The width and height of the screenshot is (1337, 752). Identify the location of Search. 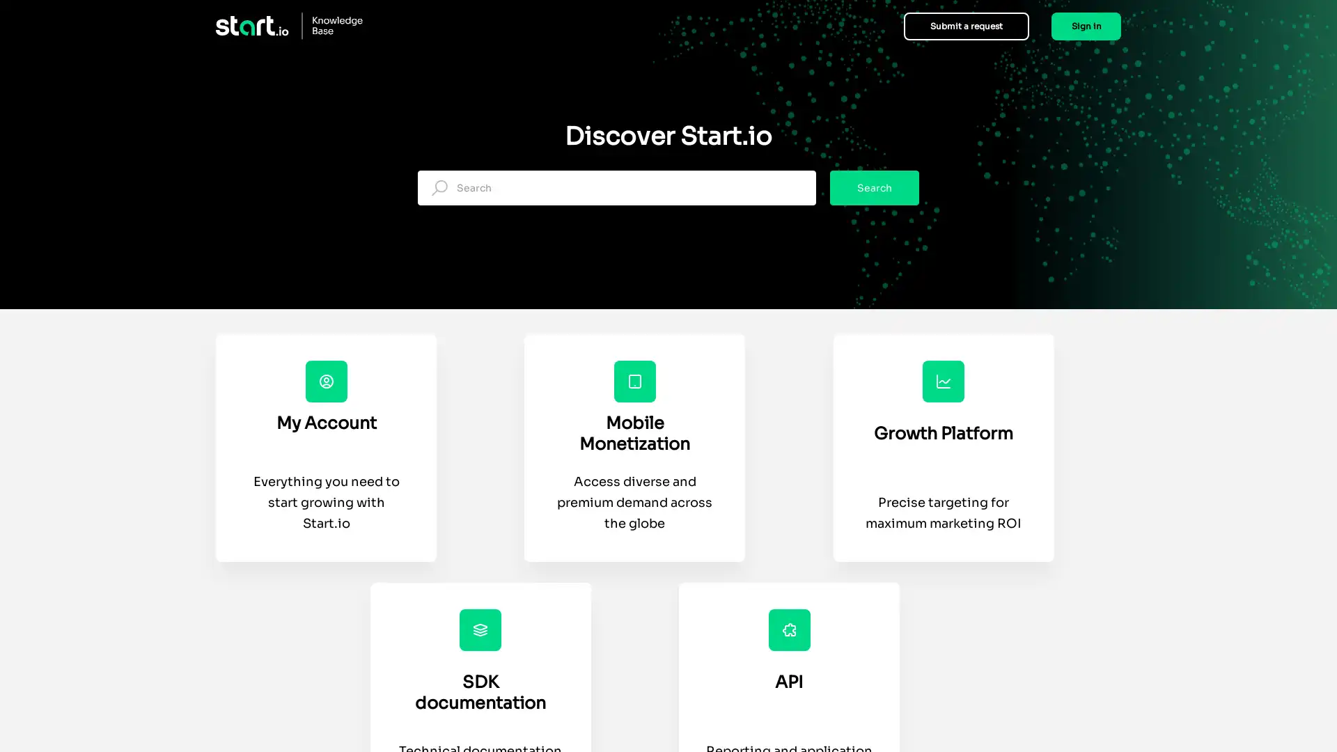
(874, 188).